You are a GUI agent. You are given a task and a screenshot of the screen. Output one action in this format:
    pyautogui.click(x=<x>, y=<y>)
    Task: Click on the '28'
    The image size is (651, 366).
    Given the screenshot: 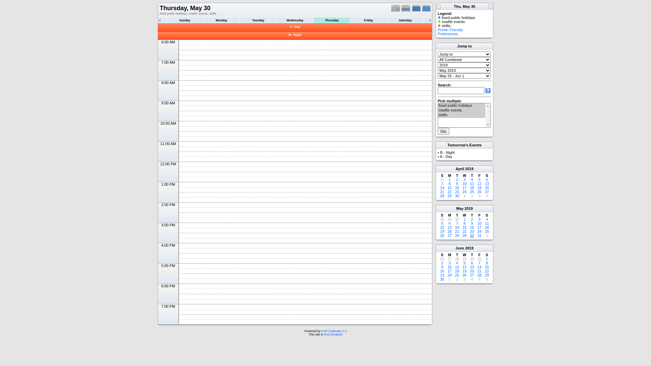 What is the action you would take?
    pyautogui.click(x=442, y=196)
    